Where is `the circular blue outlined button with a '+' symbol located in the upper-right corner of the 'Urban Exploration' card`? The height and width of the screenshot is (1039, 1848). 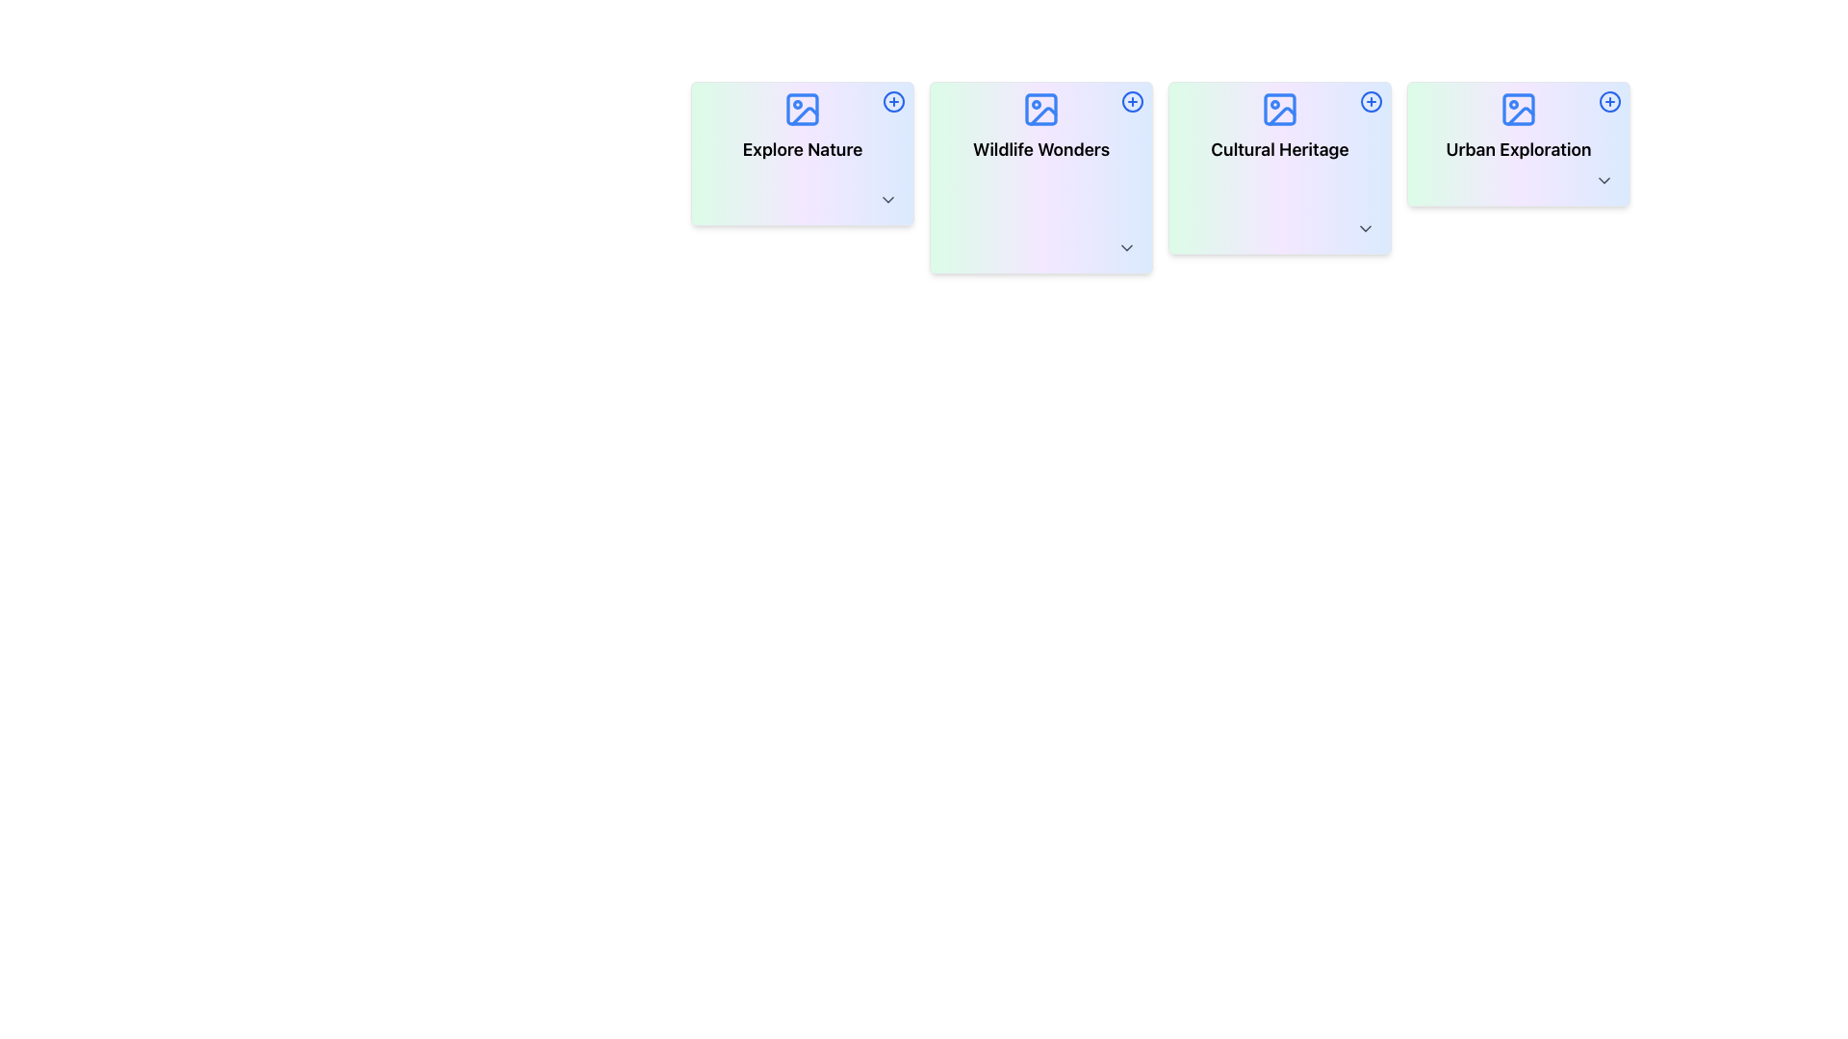 the circular blue outlined button with a '+' symbol located in the upper-right corner of the 'Urban Exploration' card is located at coordinates (1610, 101).